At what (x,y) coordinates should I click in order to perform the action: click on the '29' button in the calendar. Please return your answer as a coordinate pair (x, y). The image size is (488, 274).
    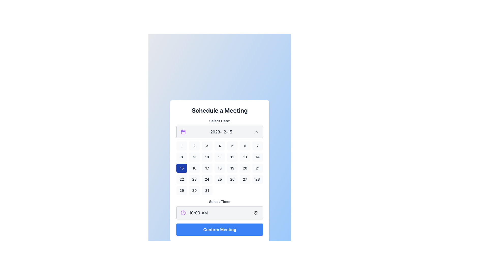
    Looking at the image, I should click on (182, 191).